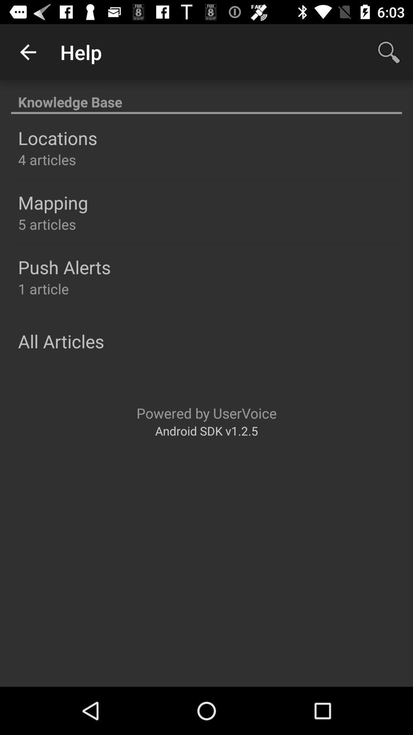 This screenshot has height=735, width=413. What do you see at coordinates (389, 52) in the screenshot?
I see `the icon above knowledge base item` at bounding box center [389, 52].